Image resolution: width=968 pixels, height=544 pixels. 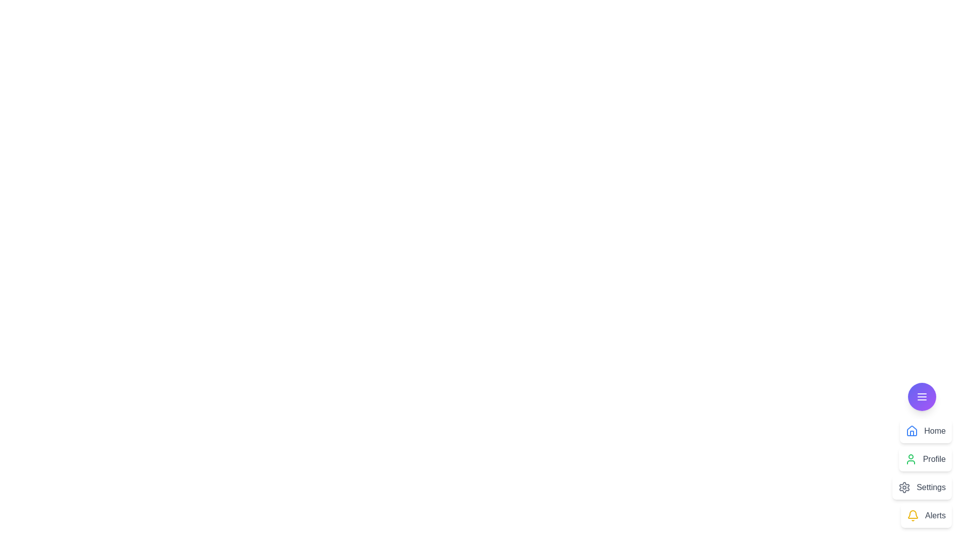 What do you see at coordinates (926, 431) in the screenshot?
I see `the menu item Home from the speed dial menu` at bounding box center [926, 431].